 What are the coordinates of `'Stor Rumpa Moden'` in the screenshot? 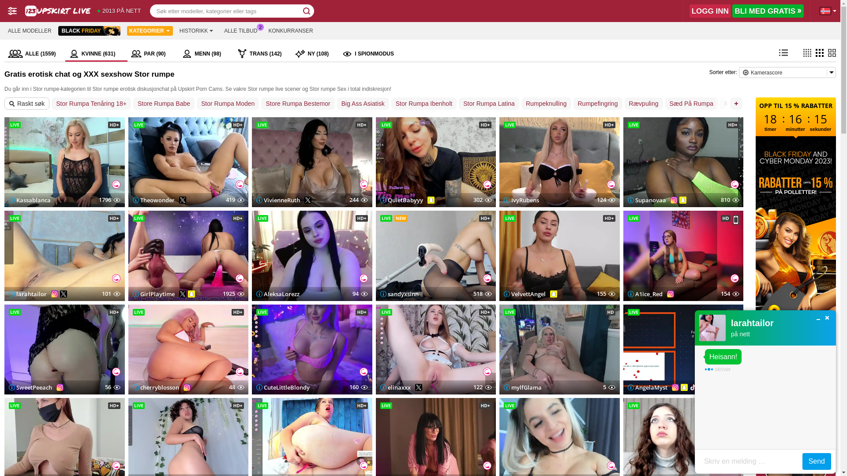 It's located at (196, 103).